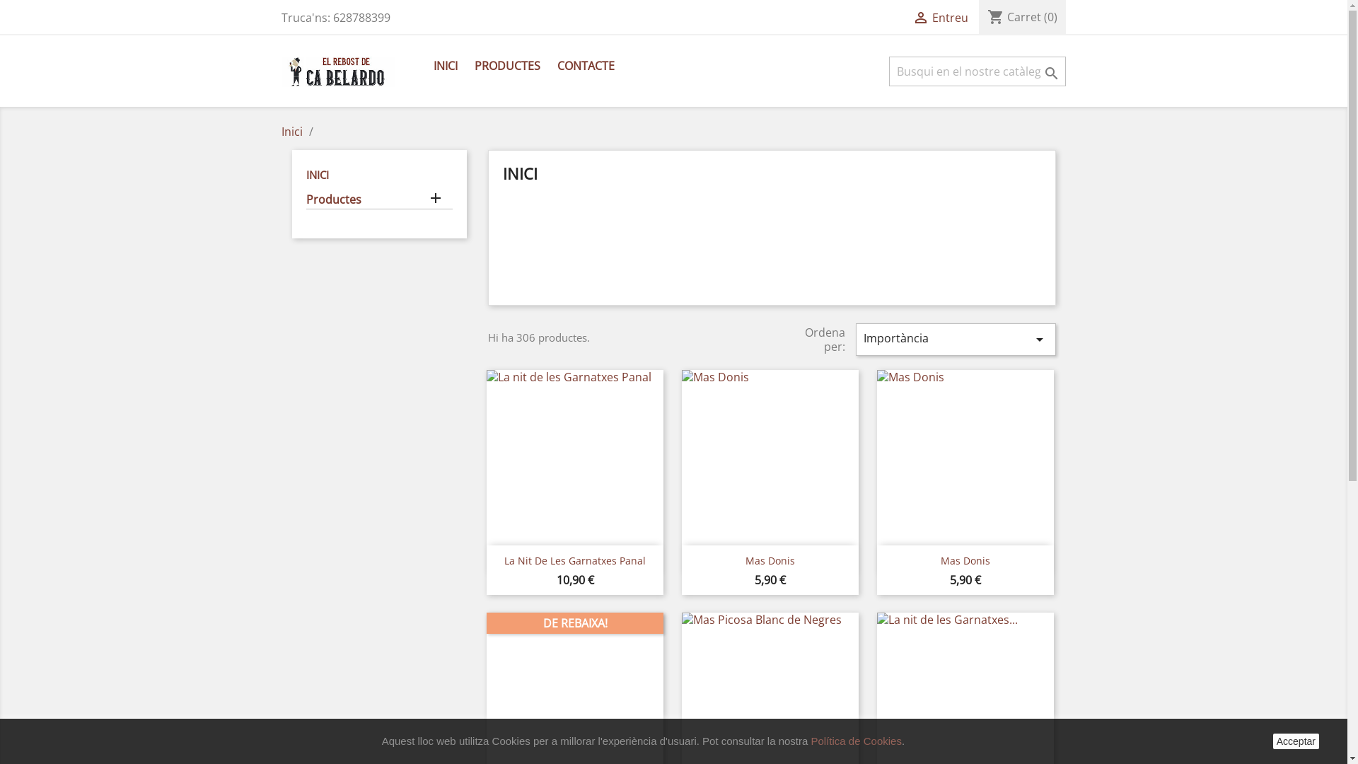 The width and height of the screenshot is (1358, 764). Describe the element at coordinates (467, 66) in the screenshot. I see `'PRODUCTES'` at that location.